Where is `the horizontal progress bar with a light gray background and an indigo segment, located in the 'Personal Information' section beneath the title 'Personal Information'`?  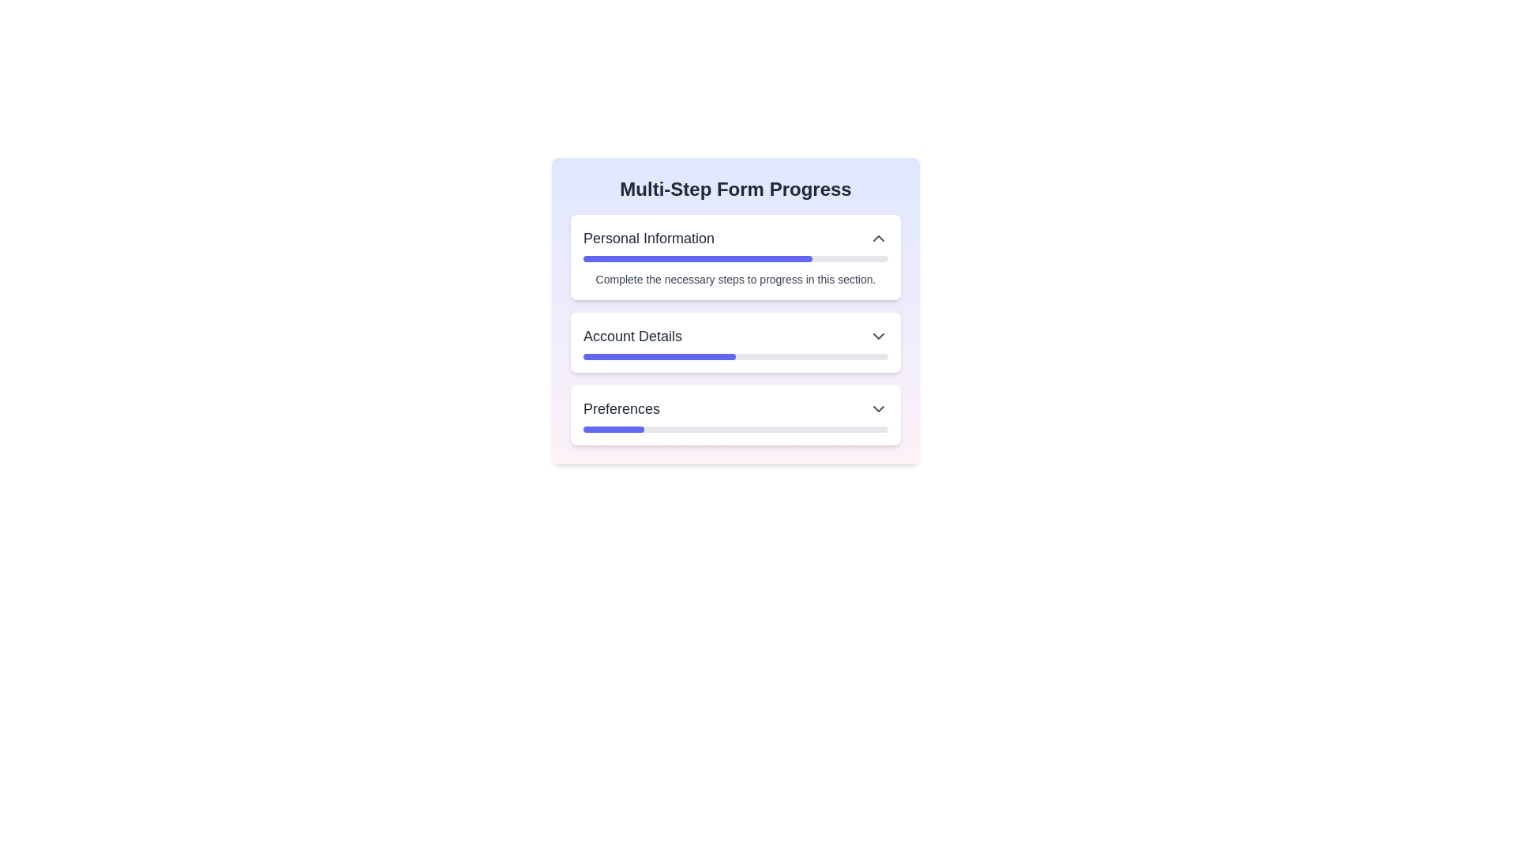
the horizontal progress bar with a light gray background and an indigo segment, located in the 'Personal Information' section beneath the title 'Personal Information' is located at coordinates (734, 257).